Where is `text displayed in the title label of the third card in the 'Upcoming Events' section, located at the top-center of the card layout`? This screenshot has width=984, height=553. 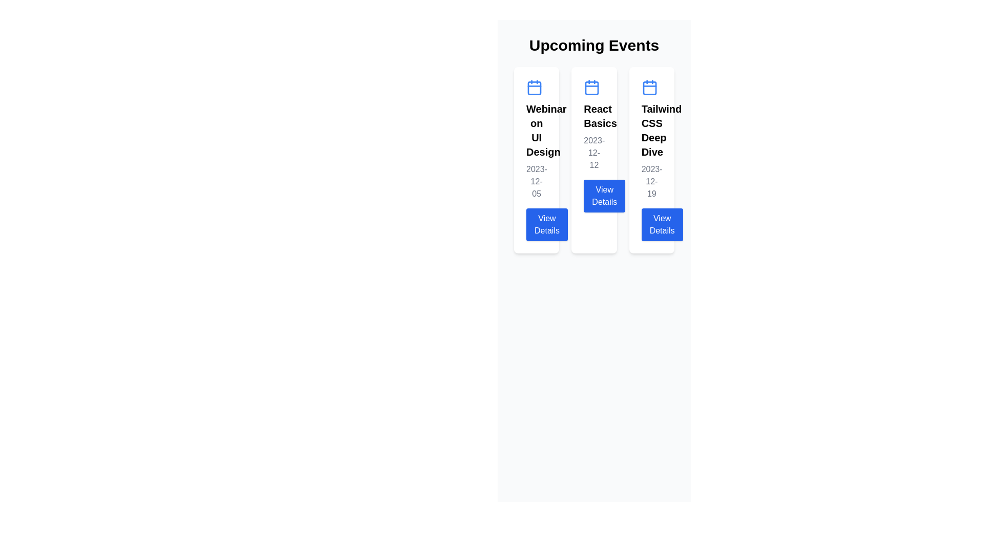 text displayed in the title label of the third card in the 'Upcoming Events' section, located at the top-center of the card layout is located at coordinates (651, 130).